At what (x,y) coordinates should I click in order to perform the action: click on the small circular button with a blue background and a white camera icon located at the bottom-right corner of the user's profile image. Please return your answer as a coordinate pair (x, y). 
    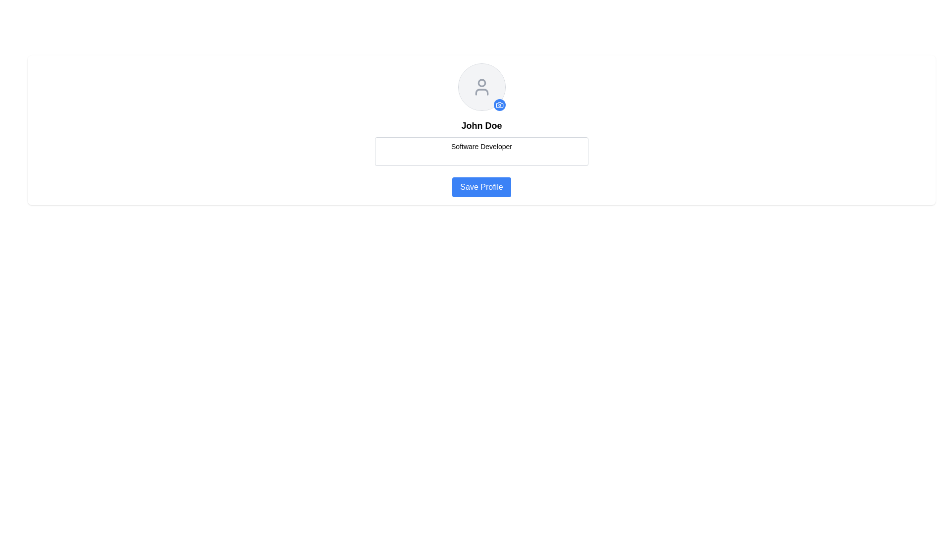
    Looking at the image, I should click on (499, 105).